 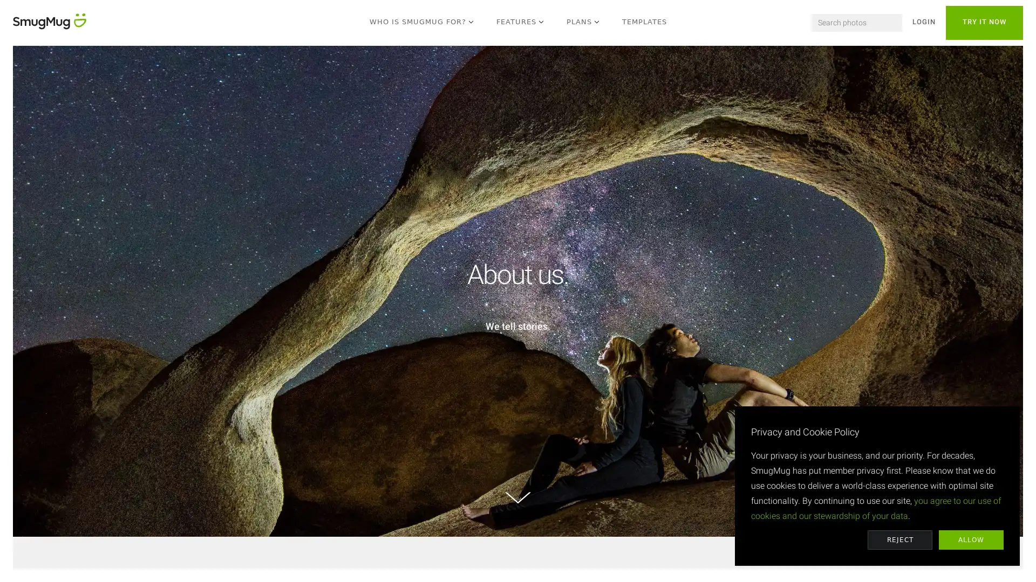 What do you see at coordinates (583, 23) in the screenshot?
I see `PLANS` at bounding box center [583, 23].